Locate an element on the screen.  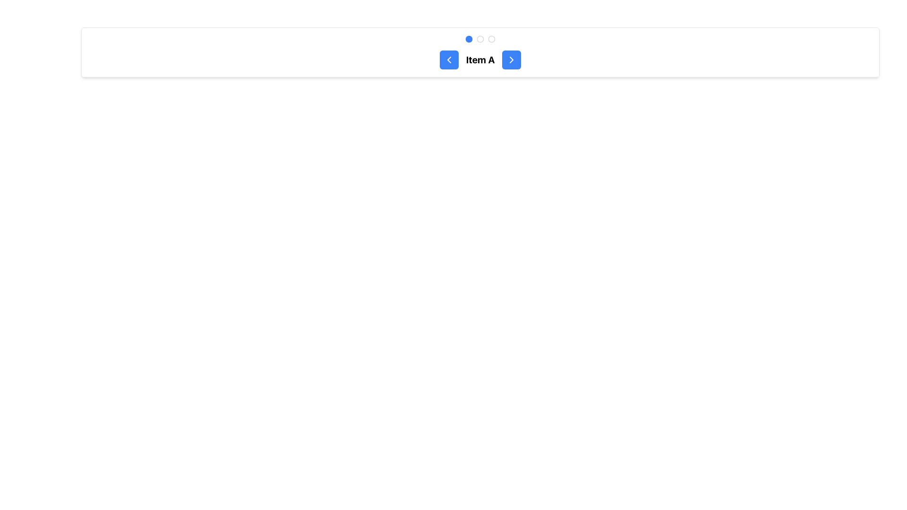
the blue button with a white left-pointing chevron arrow icon located on the left side of the navigation components is located at coordinates (448, 60).